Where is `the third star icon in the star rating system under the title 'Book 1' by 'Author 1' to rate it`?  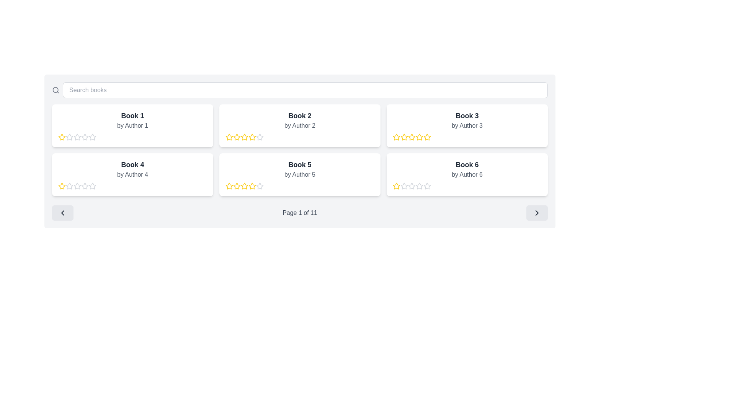 the third star icon in the star rating system under the title 'Book 1' by 'Author 1' to rate it is located at coordinates (70, 137).